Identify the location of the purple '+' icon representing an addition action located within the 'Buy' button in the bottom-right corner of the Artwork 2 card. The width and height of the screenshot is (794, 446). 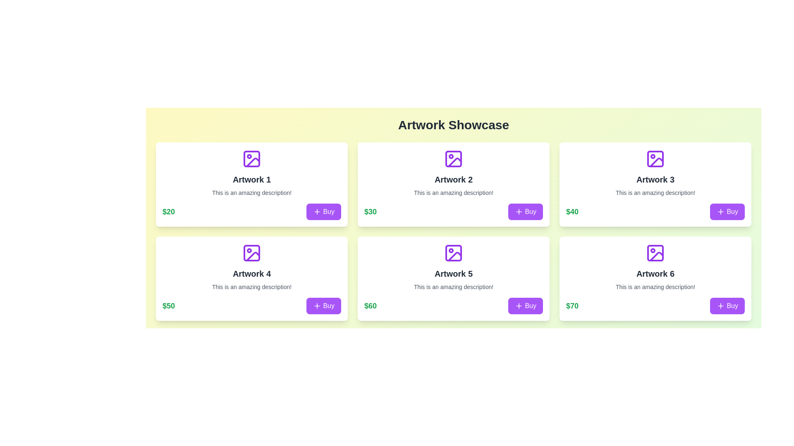
(519, 211).